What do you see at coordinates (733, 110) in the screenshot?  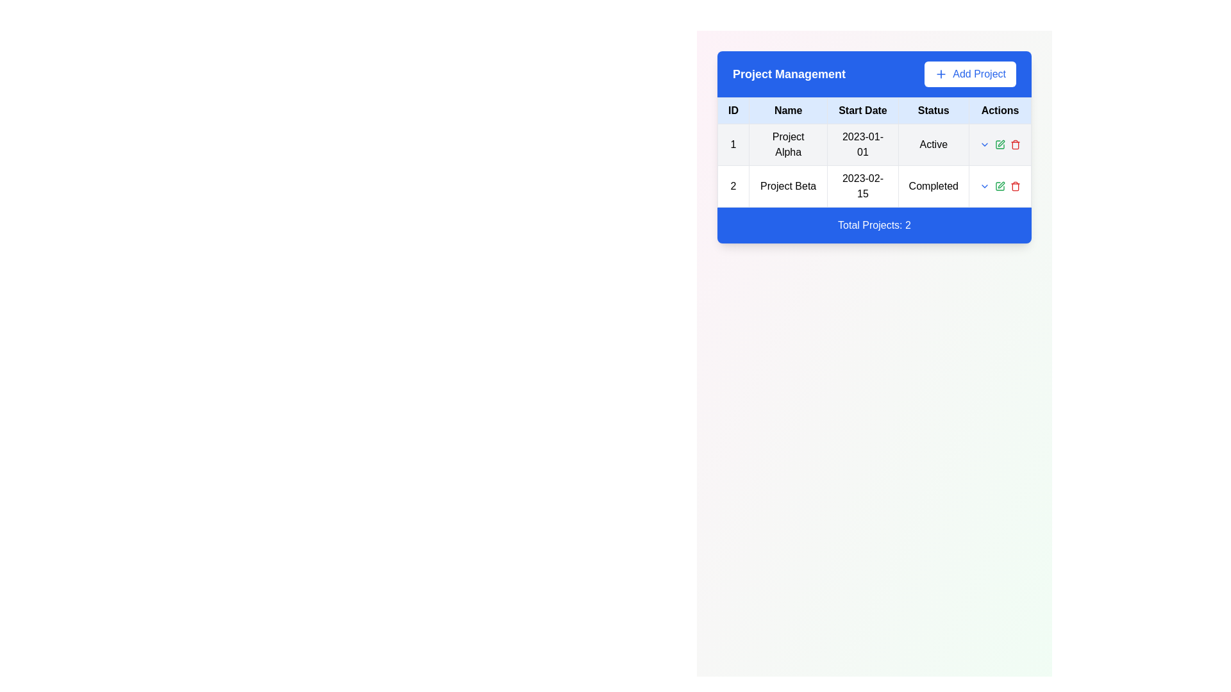 I see `text content of the Table Header Cell that serves as the header for the 'ID' column, located at the leftmost position among the table headers` at bounding box center [733, 110].